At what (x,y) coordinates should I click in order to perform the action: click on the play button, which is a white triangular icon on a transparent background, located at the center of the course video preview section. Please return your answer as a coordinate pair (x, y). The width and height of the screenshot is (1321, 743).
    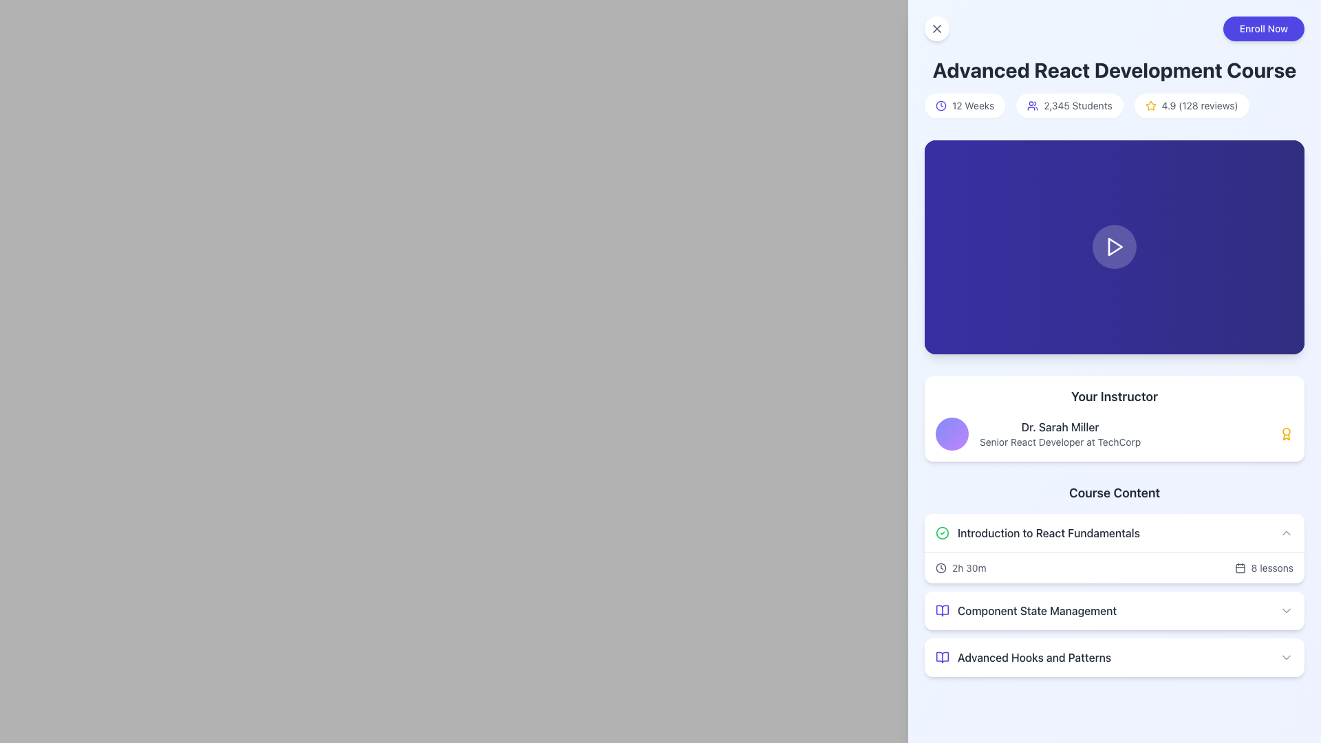
    Looking at the image, I should click on (1115, 246).